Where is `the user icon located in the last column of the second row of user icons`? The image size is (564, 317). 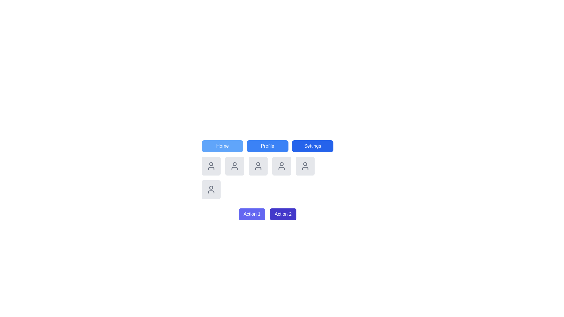 the user icon located in the last column of the second row of user icons is located at coordinates (305, 166).